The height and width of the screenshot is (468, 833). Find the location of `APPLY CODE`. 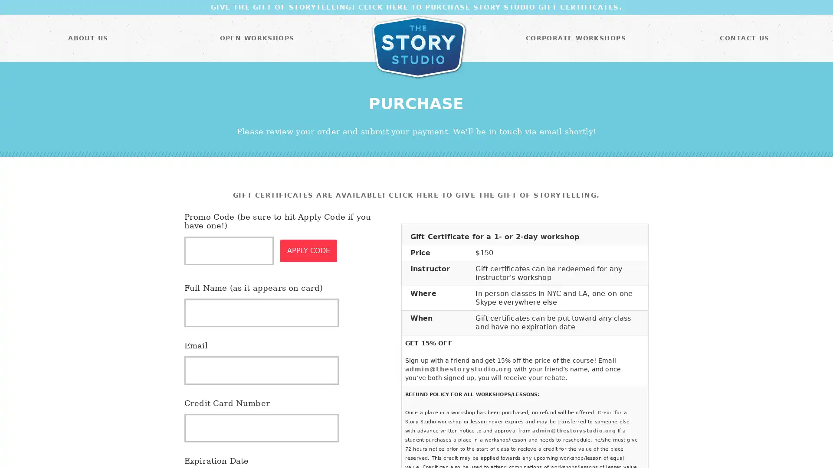

APPLY CODE is located at coordinates (308, 250).